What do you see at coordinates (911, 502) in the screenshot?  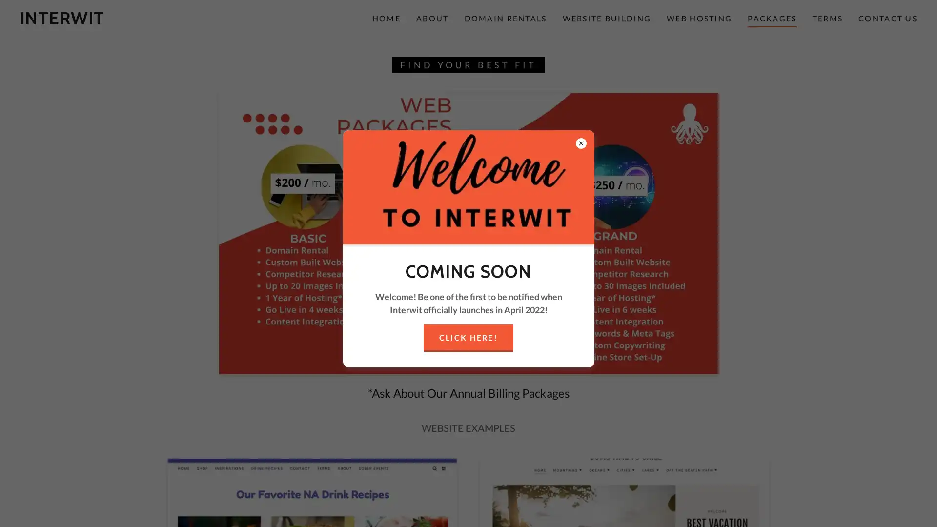 I see `Chat widget toggle` at bounding box center [911, 502].